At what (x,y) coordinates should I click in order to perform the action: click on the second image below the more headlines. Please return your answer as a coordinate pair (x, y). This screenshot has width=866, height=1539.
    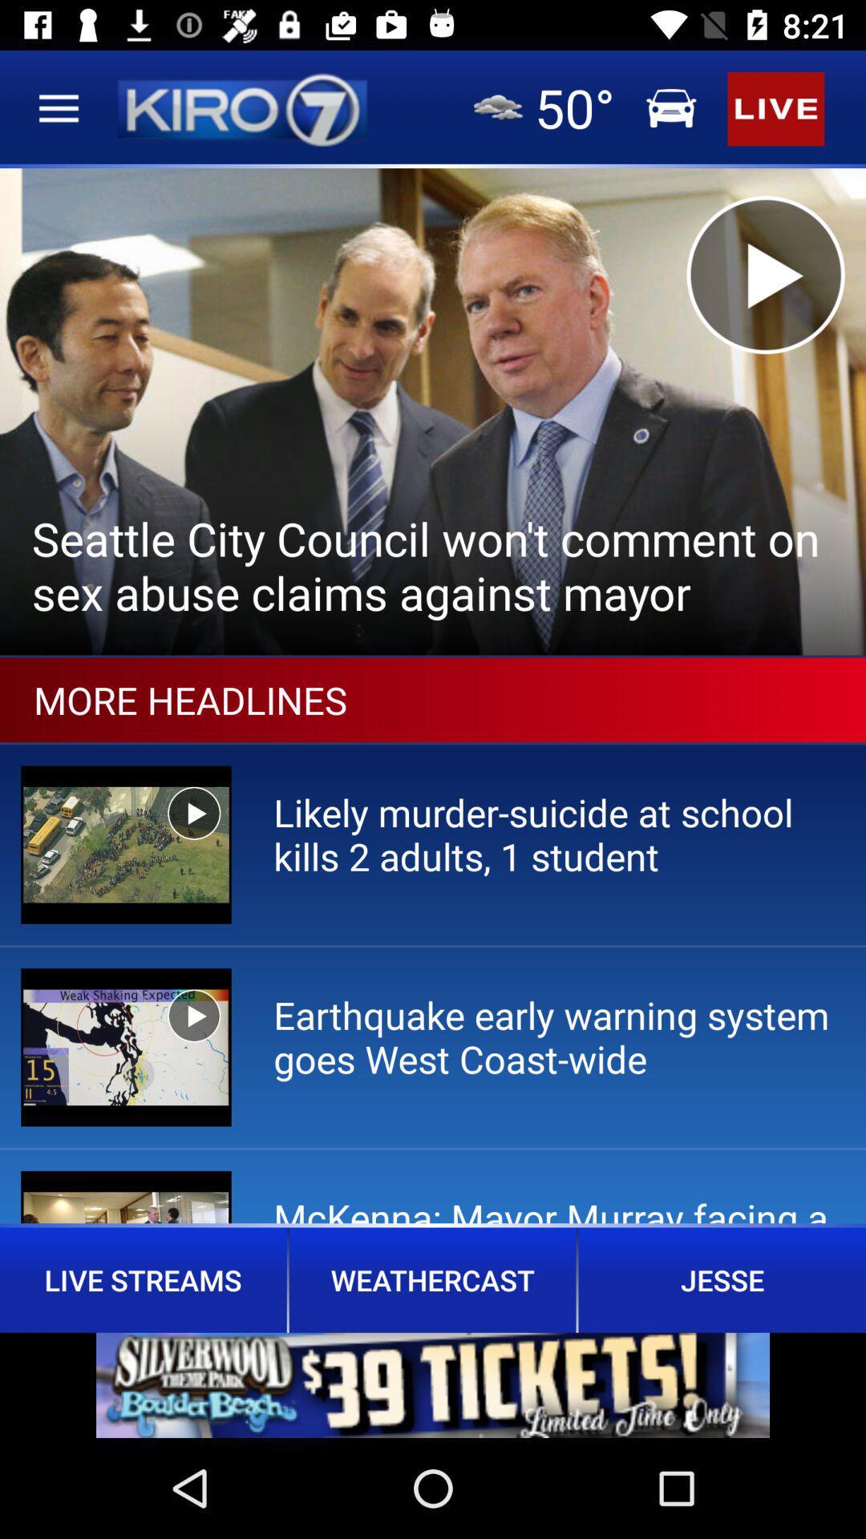
    Looking at the image, I should click on (125, 1047).